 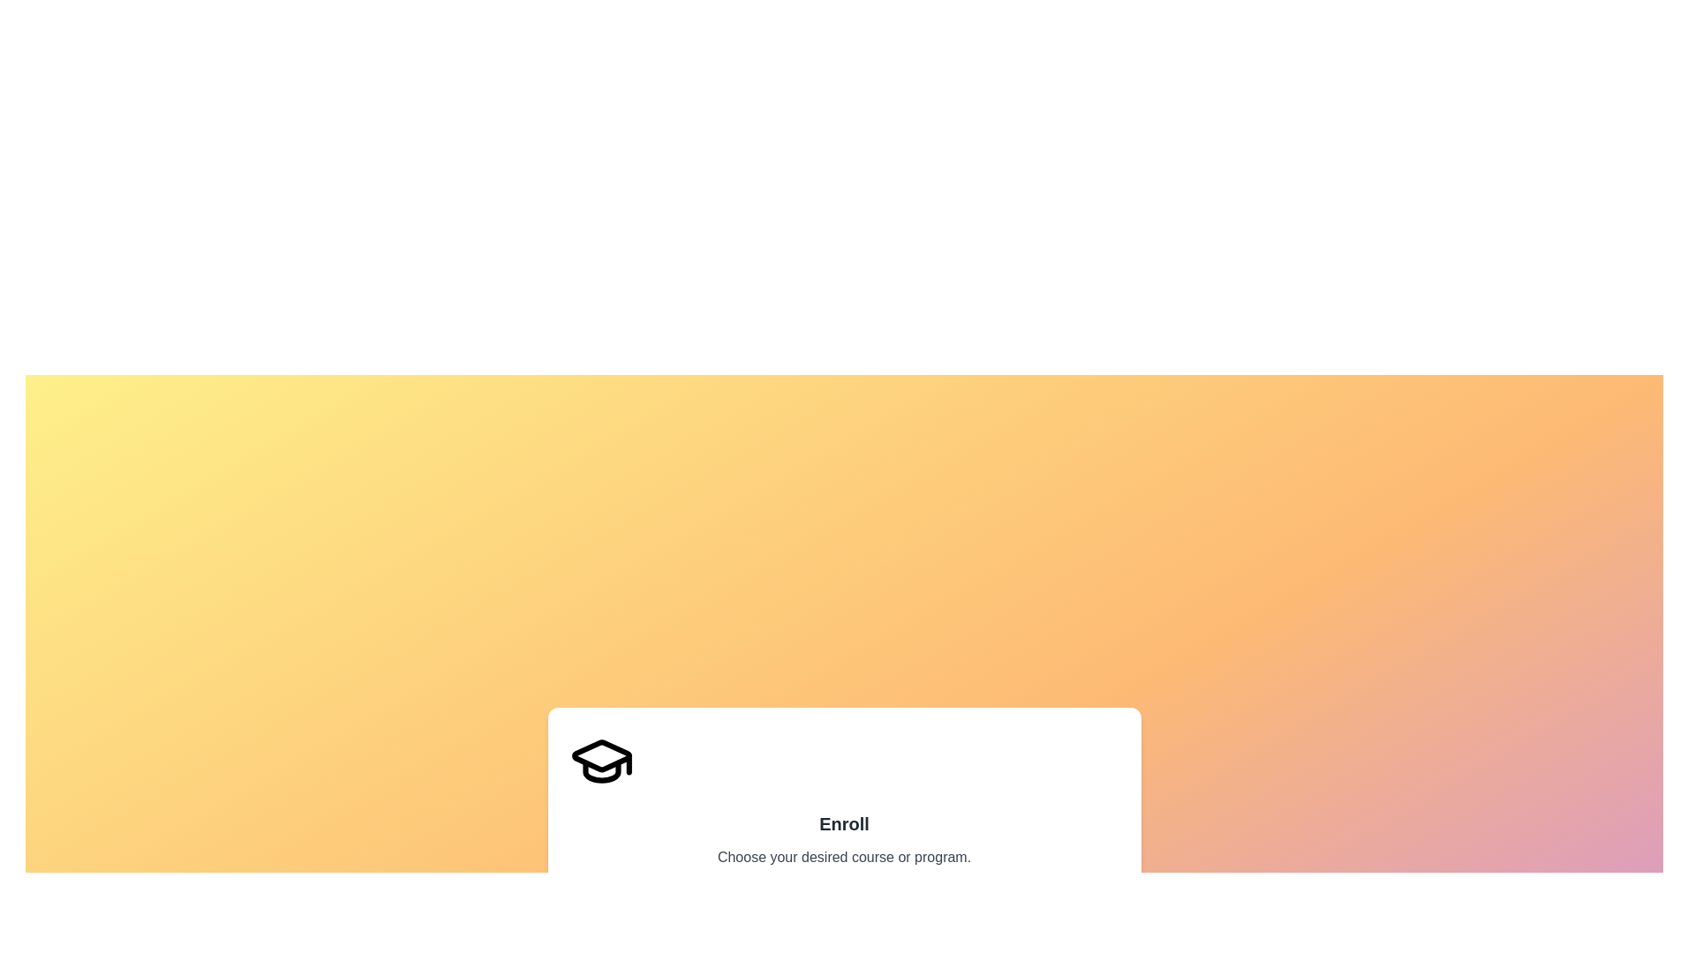 What do you see at coordinates (1087, 920) in the screenshot?
I see `the Next button to navigate to the Next step` at bounding box center [1087, 920].